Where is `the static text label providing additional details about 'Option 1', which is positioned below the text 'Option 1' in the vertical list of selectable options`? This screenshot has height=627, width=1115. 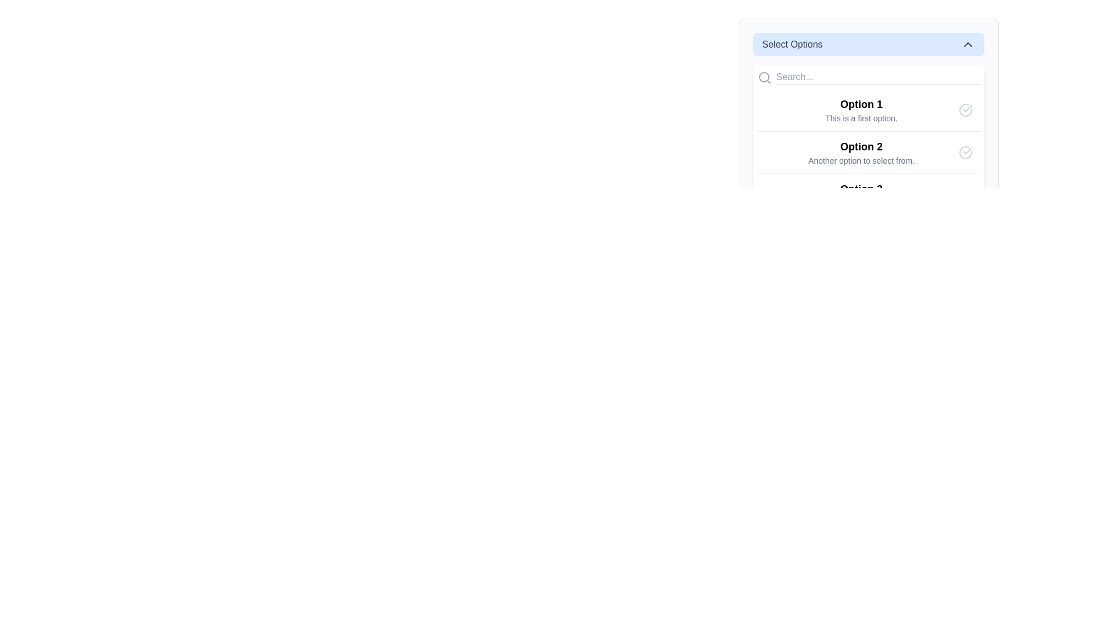 the static text label providing additional details about 'Option 1', which is positioned below the text 'Option 1' in the vertical list of selectable options is located at coordinates (861, 118).